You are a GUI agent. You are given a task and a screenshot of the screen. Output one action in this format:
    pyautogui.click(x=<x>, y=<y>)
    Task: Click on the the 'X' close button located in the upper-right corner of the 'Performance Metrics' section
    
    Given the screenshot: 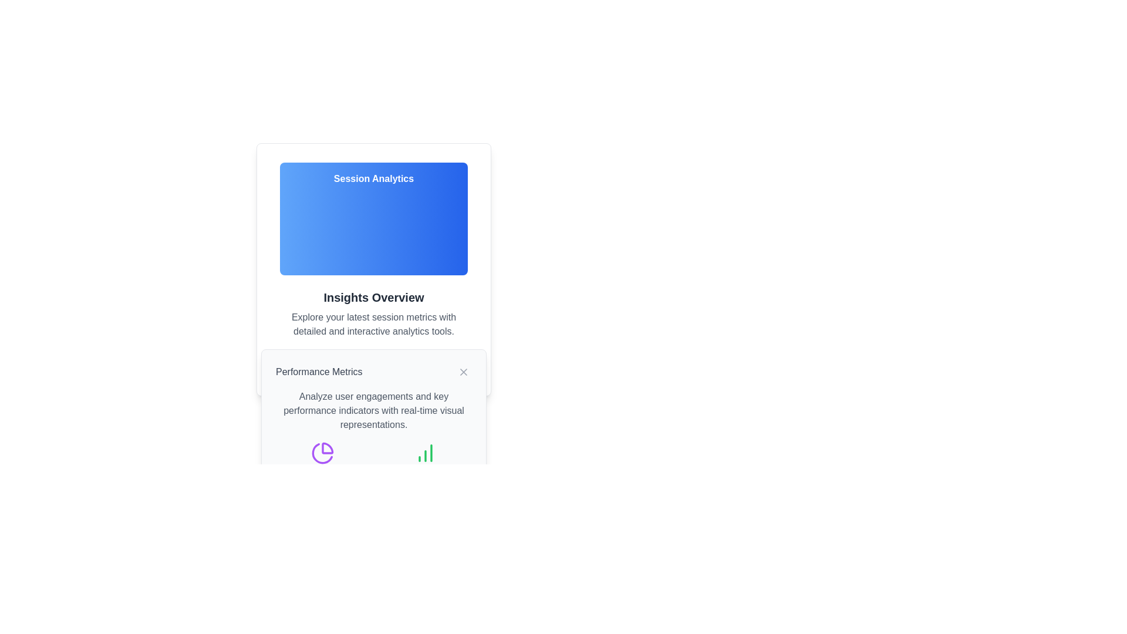 What is the action you would take?
    pyautogui.click(x=463, y=372)
    